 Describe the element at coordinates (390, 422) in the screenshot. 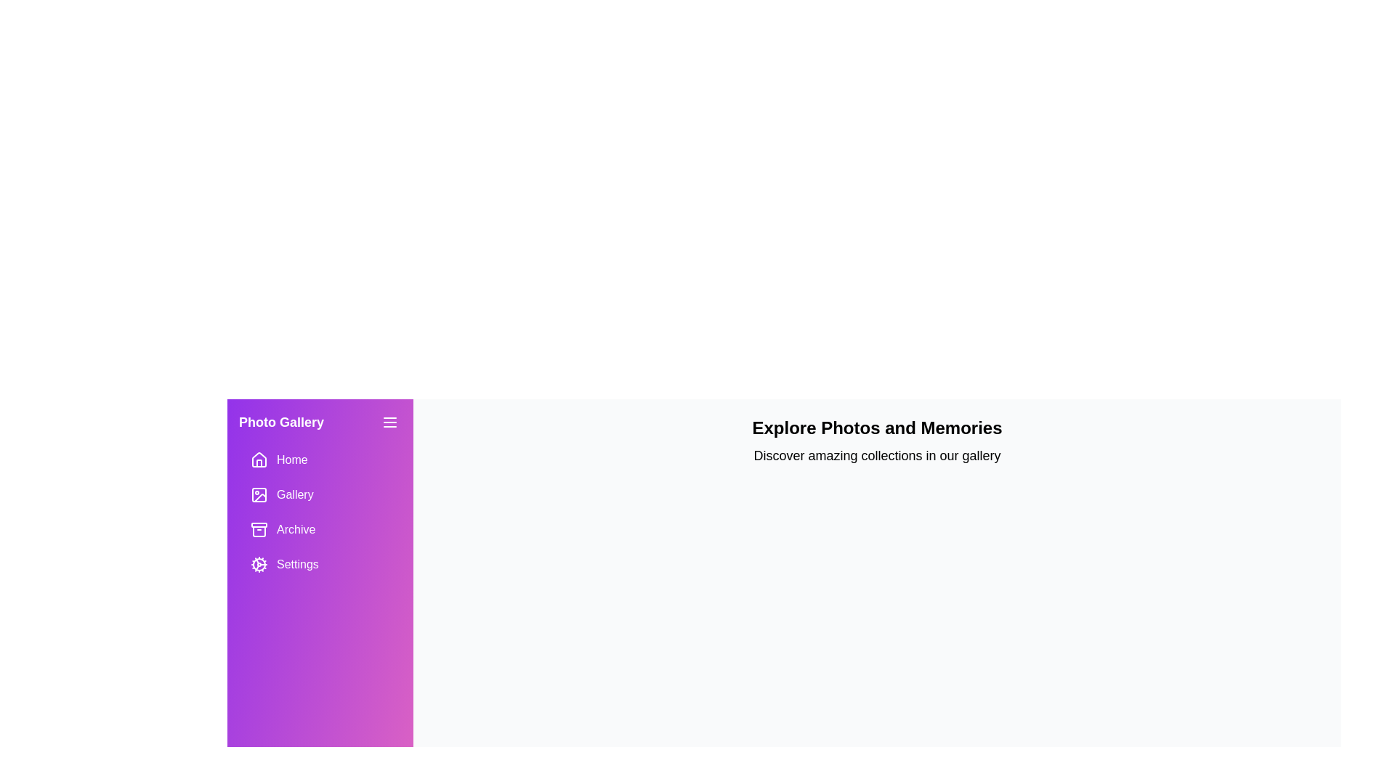

I see `the menu icon to toggle the visibility of the drawer` at that location.